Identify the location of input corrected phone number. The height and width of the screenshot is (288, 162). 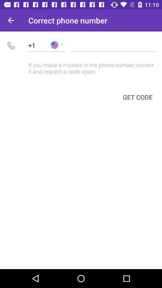
(113, 45).